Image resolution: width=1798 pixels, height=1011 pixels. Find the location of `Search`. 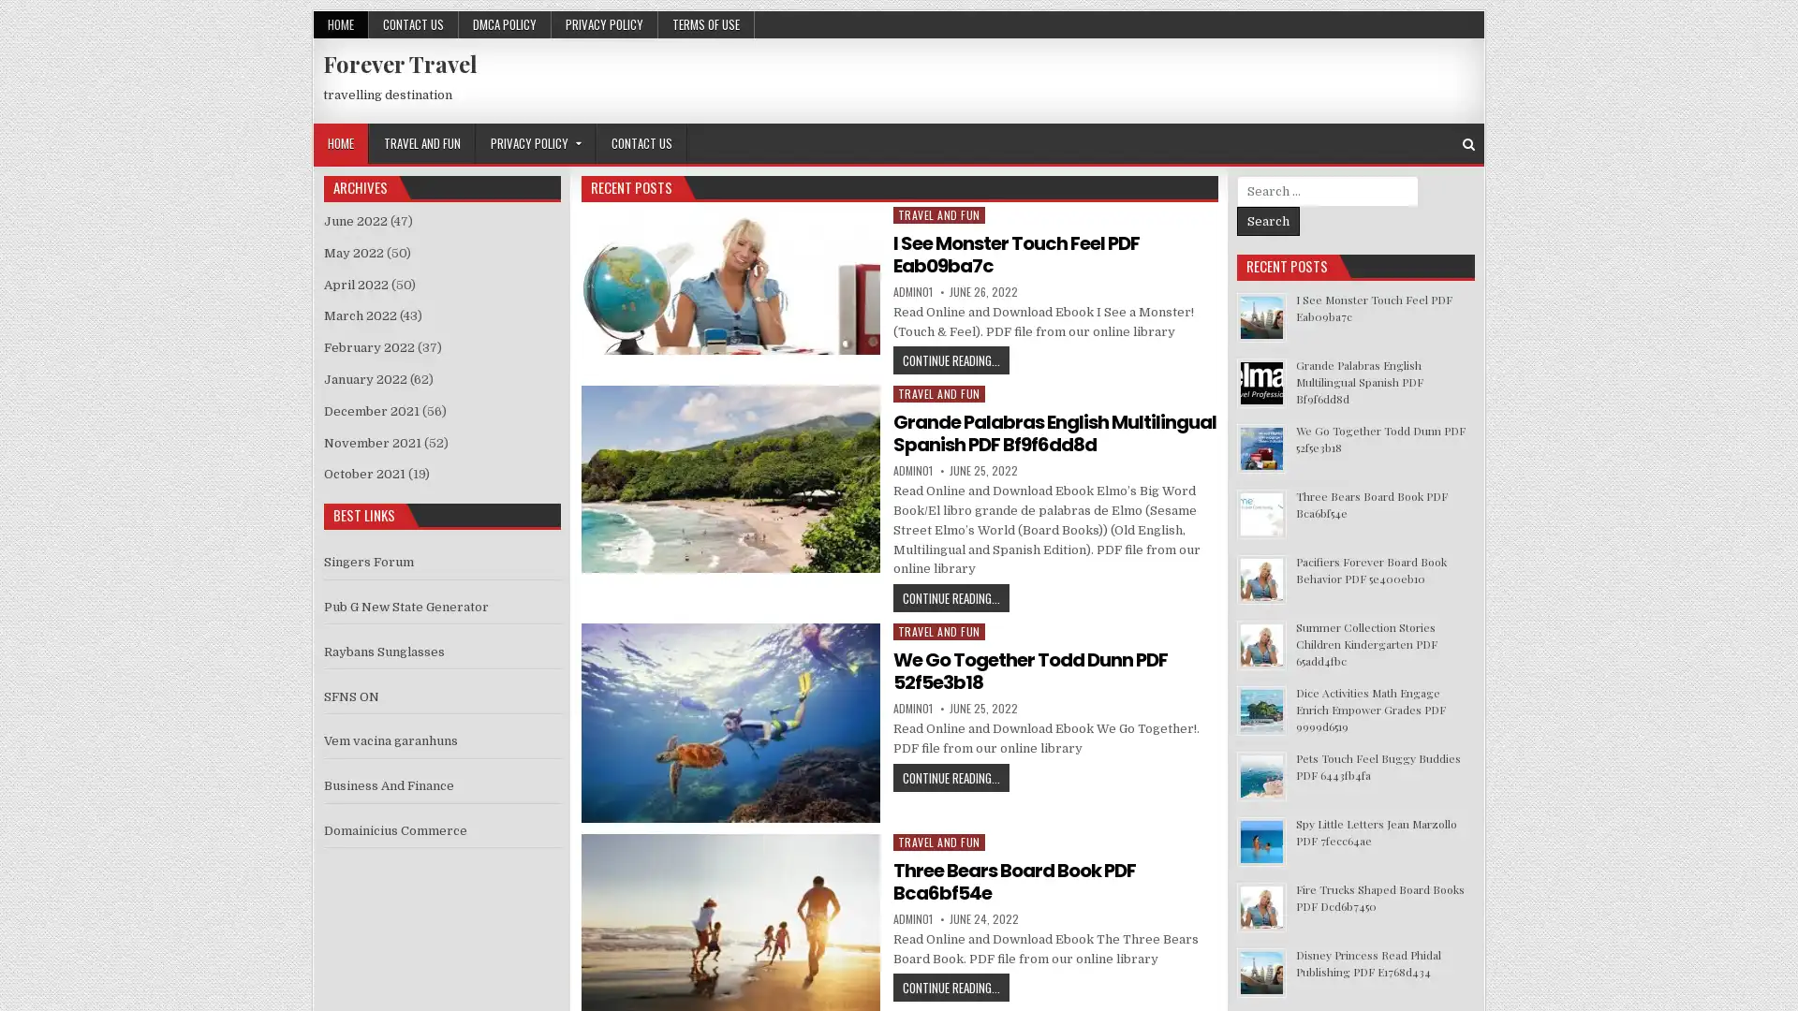

Search is located at coordinates (1268, 220).